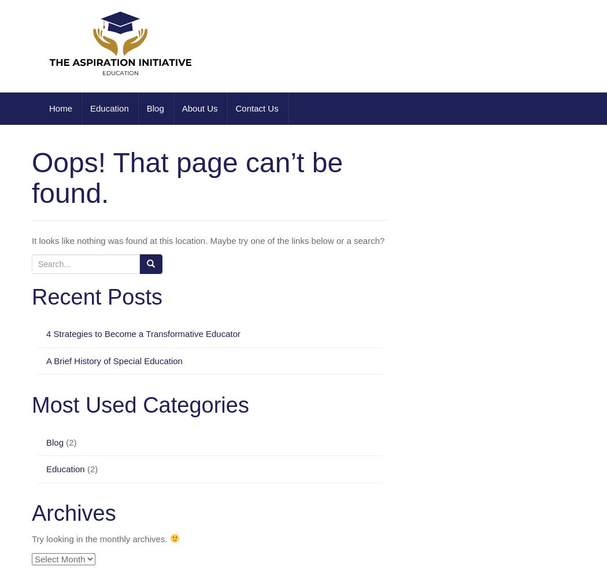 This screenshot has width=607, height=578. I want to click on 'Contact Us', so click(256, 108).